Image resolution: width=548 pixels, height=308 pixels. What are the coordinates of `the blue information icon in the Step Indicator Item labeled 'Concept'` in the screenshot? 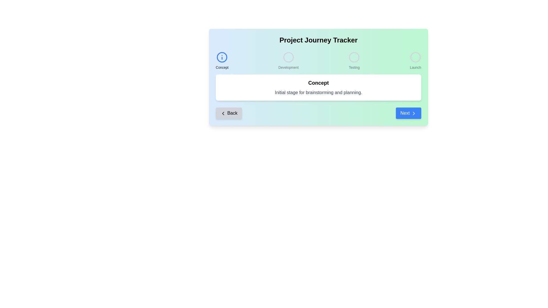 It's located at (222, 60).